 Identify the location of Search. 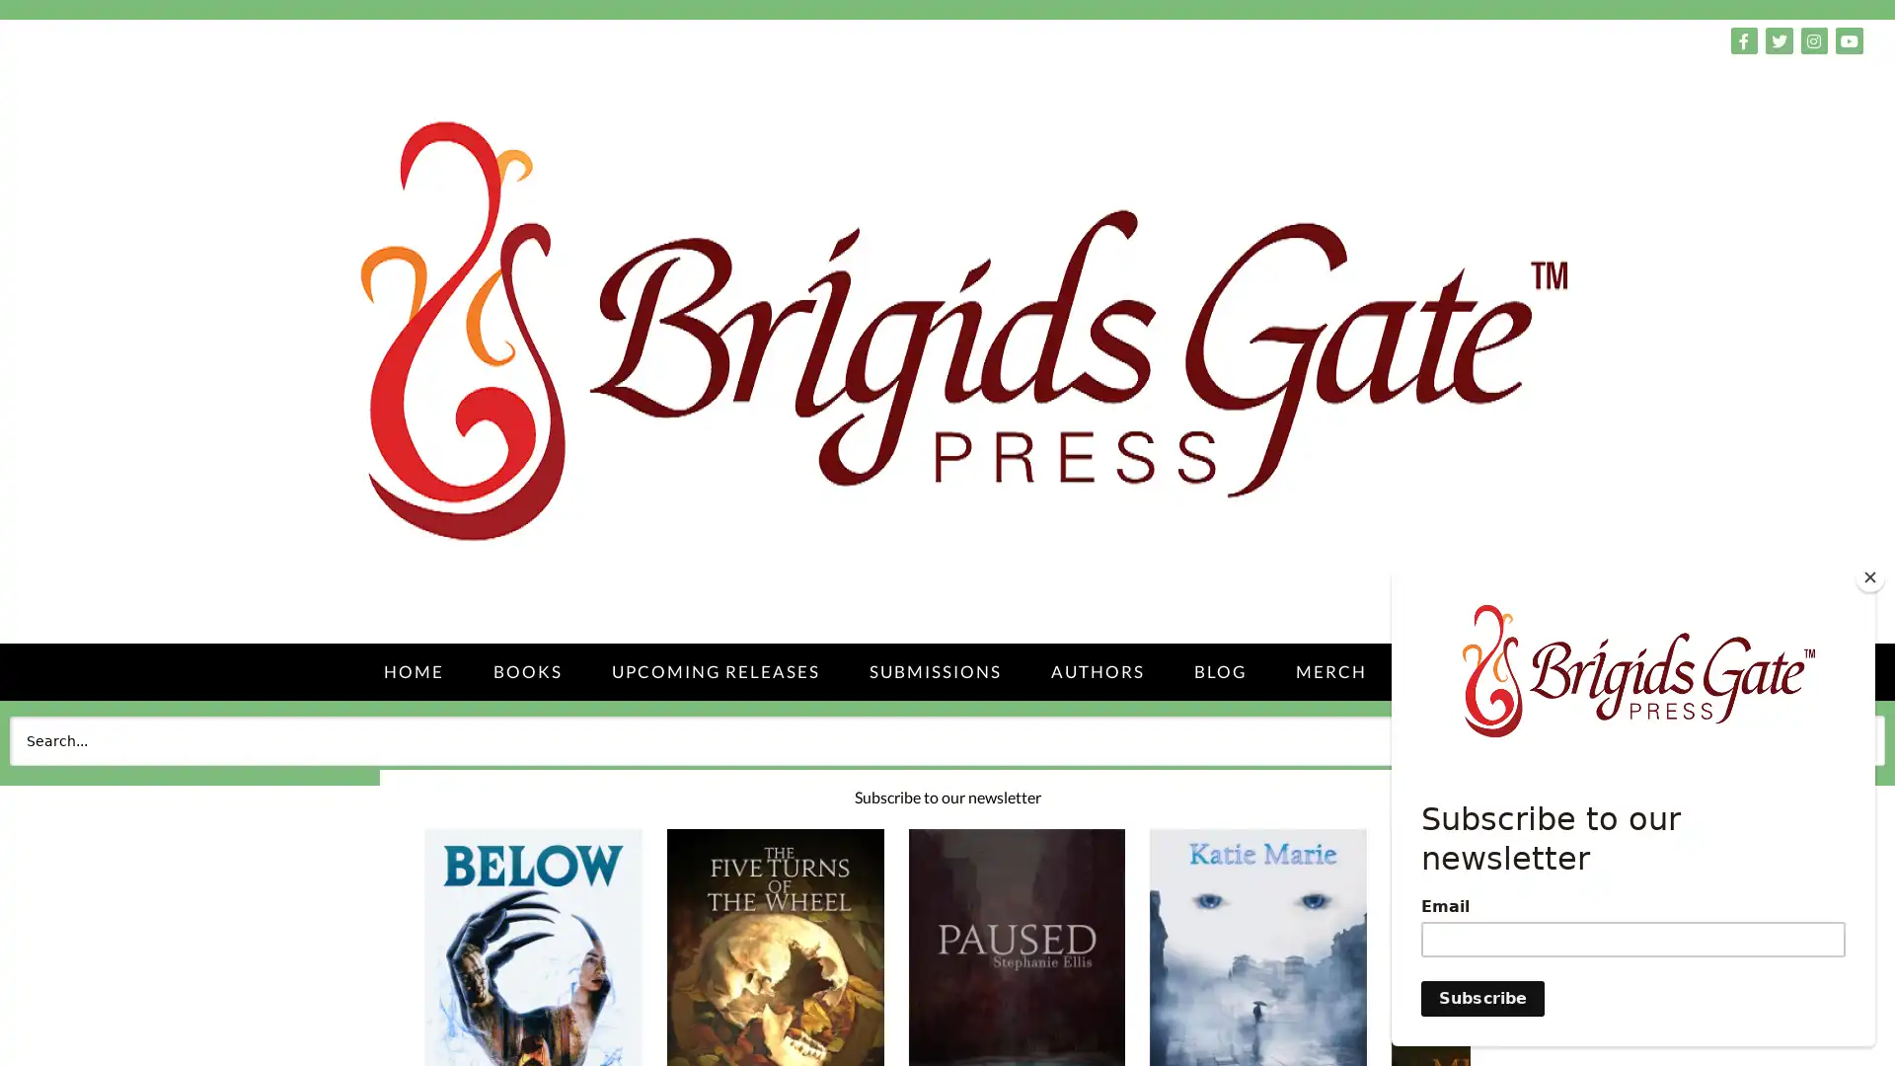
(1840, 739).